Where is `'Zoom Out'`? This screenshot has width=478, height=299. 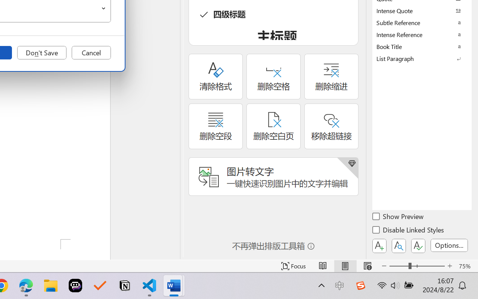
'Zoom Out' is located at coordinates (398, 266).